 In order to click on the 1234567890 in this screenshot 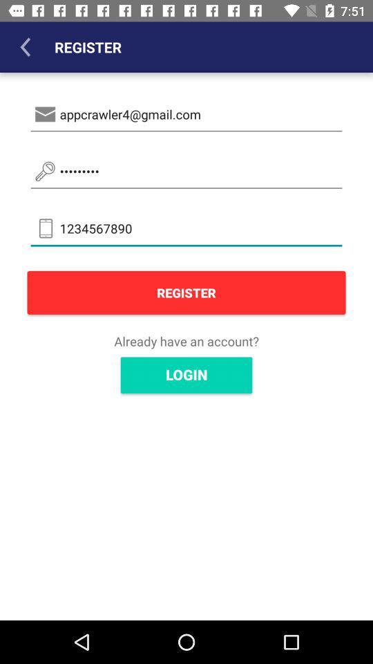, I will do `click(186, 228)`.